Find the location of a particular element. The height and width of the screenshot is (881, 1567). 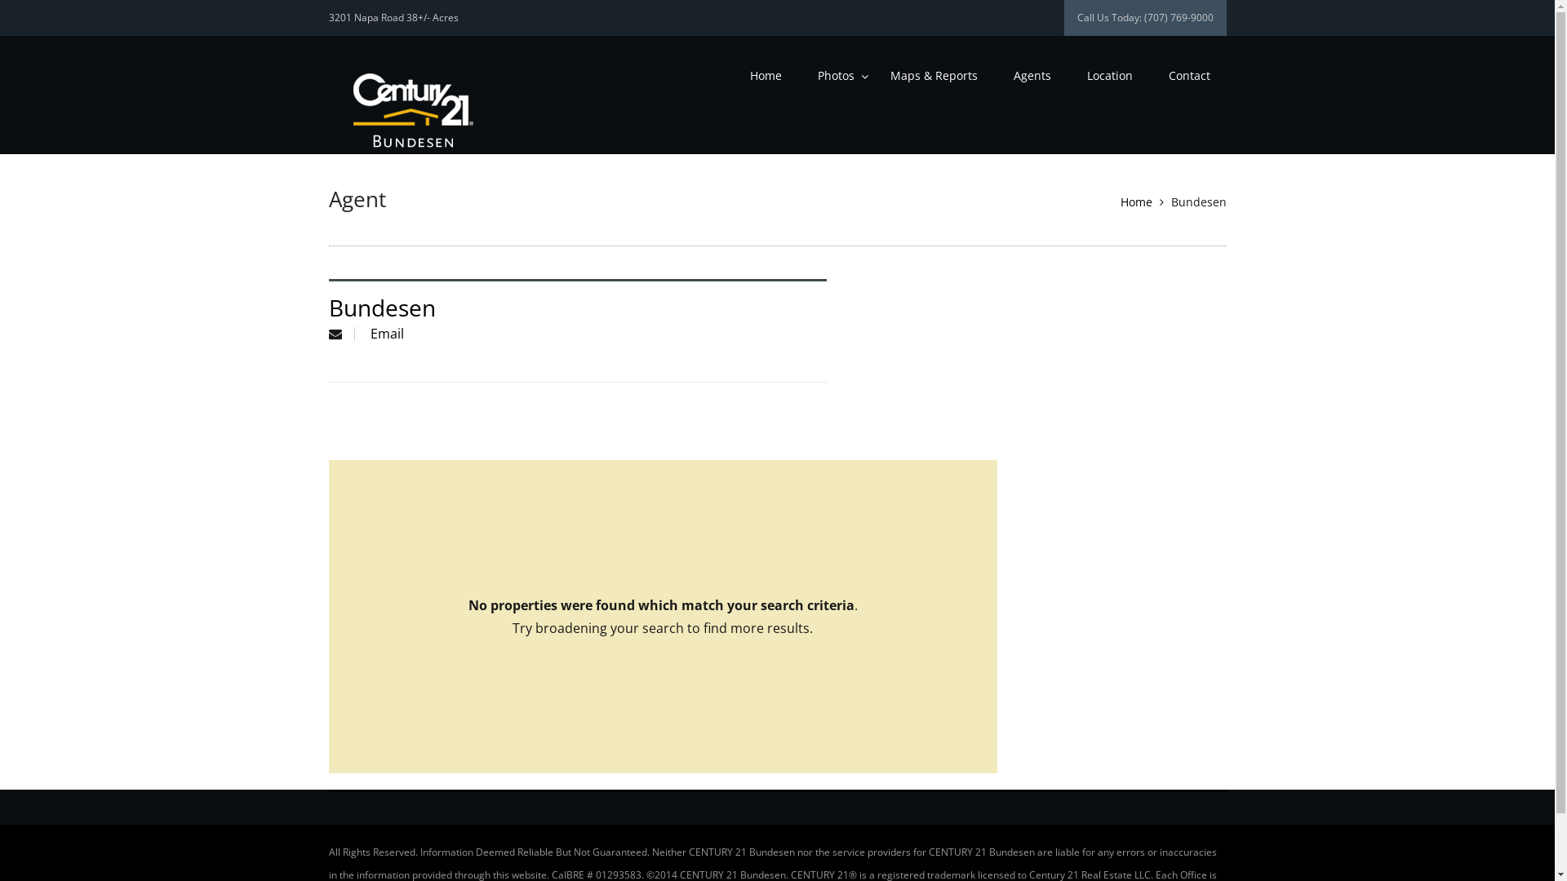

'Home' is located at coordinates (764, 75).